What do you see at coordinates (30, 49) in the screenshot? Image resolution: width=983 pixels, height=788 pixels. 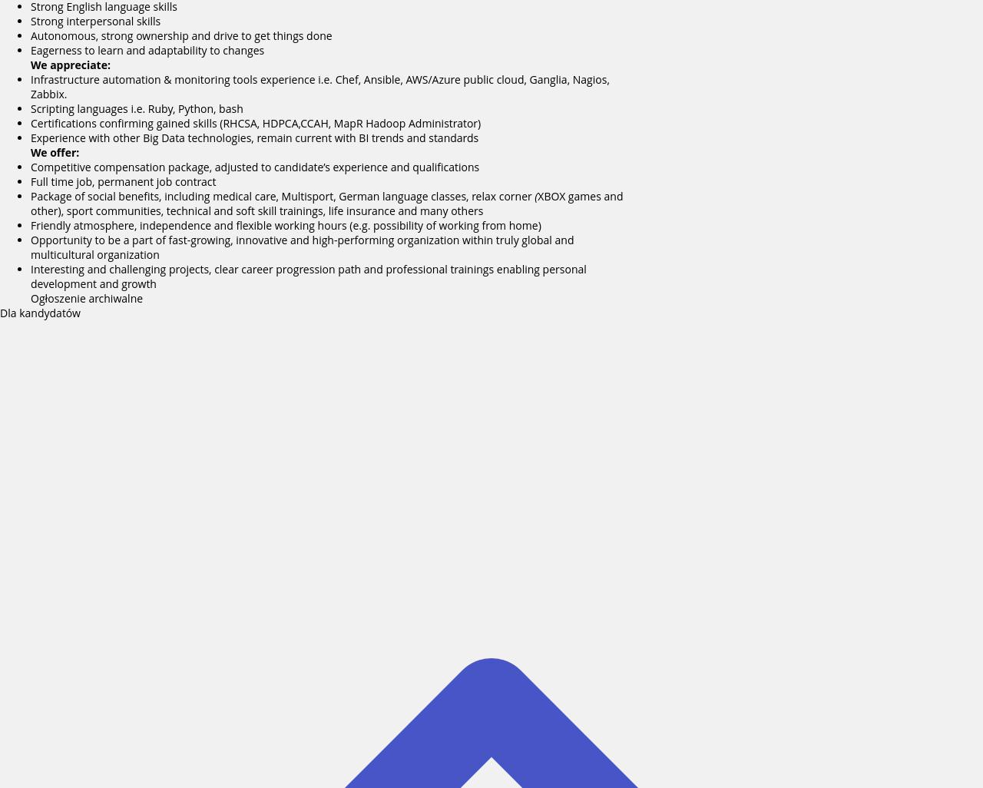 I see `'Eagerness to learn and adaptability to changes'` at bounding box center [30, 49].